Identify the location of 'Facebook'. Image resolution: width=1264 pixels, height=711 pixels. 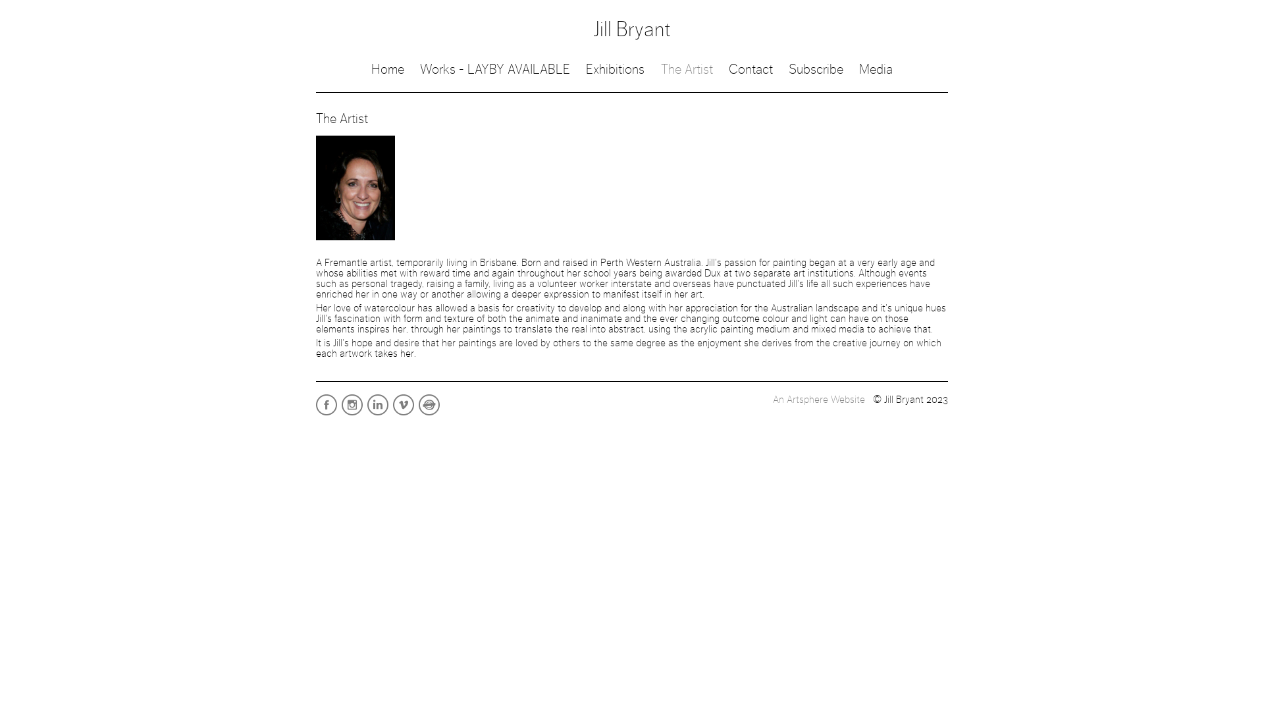
(327, 413).